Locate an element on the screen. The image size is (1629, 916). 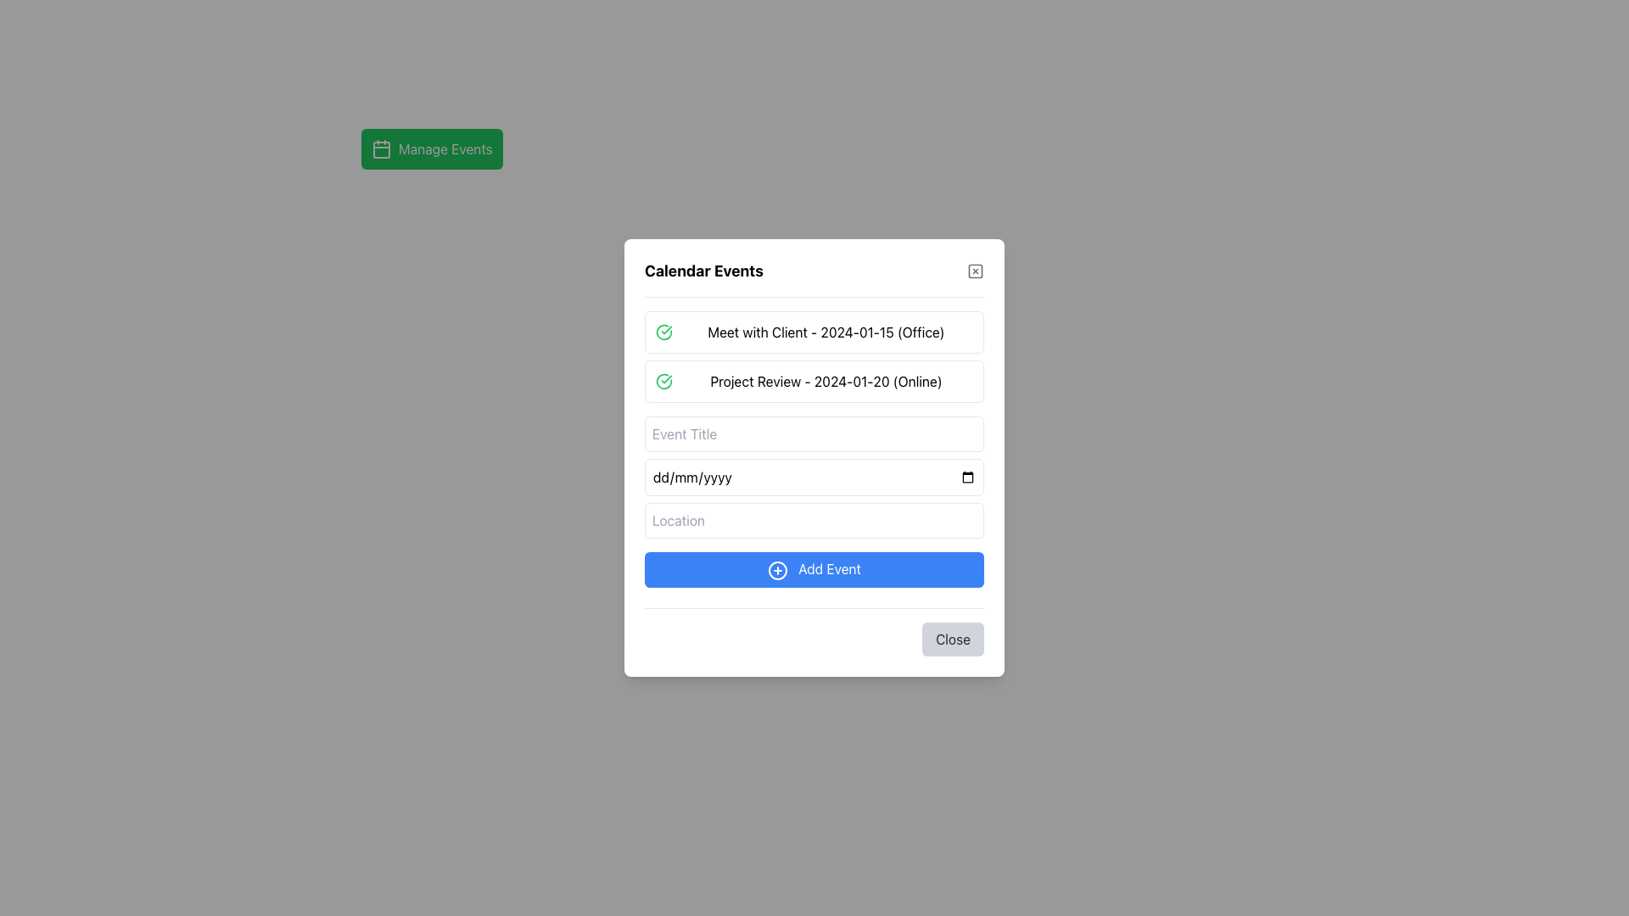
the 'Add Event' button, which is a rectangular button with a blue background and white text, located at the bottom of the 'Calendar Events' modal is located at coordinates (814, 569).